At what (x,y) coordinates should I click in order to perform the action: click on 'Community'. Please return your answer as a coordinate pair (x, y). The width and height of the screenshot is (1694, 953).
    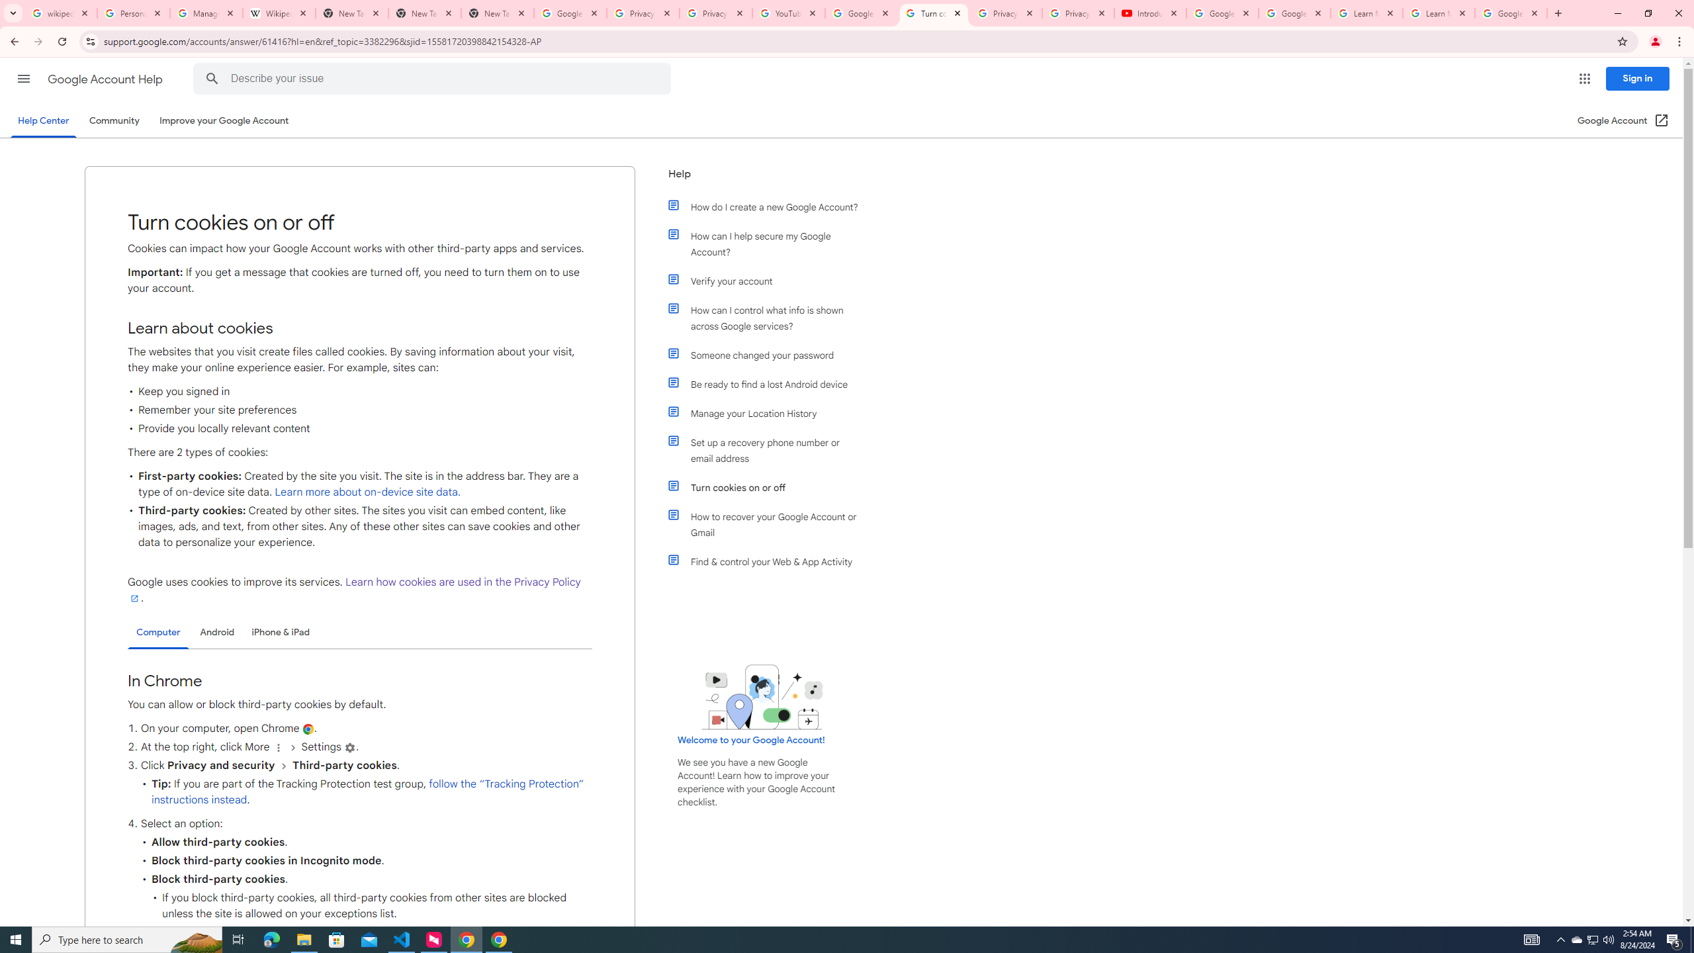
    Looking at the image, I should click on (113, 120).